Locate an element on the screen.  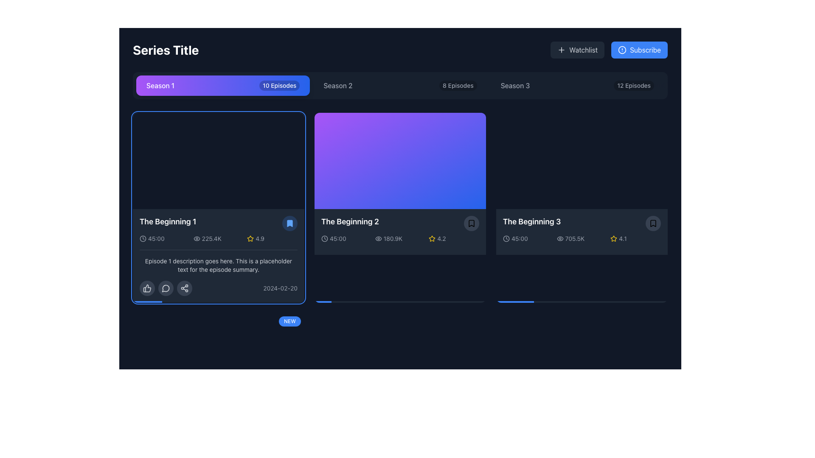
descriptive text block for 'The Beginning 1', which contains the episode summary and publication date is located at coordinates (218, 273).